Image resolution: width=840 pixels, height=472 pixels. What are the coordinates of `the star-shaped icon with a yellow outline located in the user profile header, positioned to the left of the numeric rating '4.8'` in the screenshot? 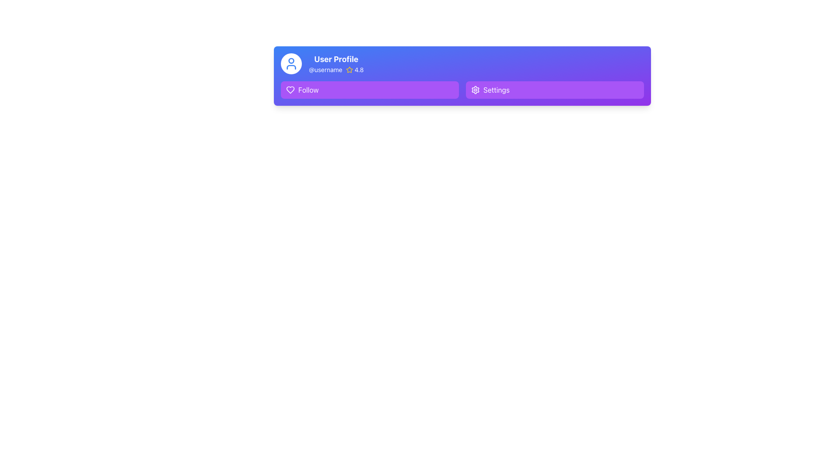 It's located at (349, 69).